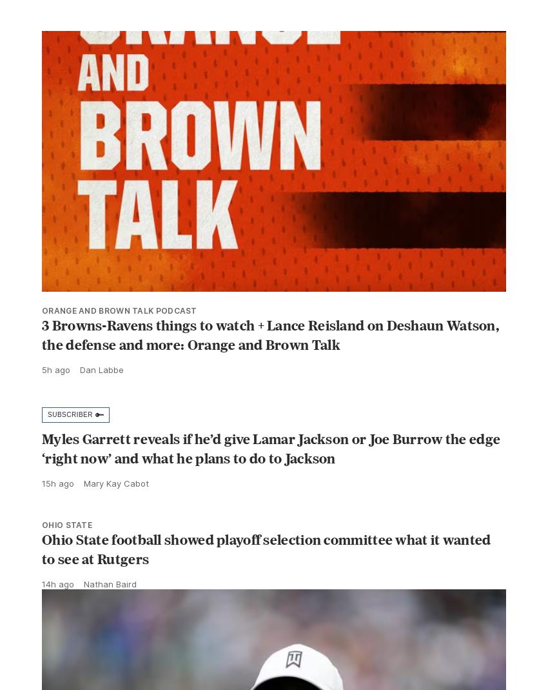 This screenshot has height=690, width=548. What do you see at coordinates (110, 611) in the screenshot?
I see `'Nathan Baird'` at bounding box center [110, 611].